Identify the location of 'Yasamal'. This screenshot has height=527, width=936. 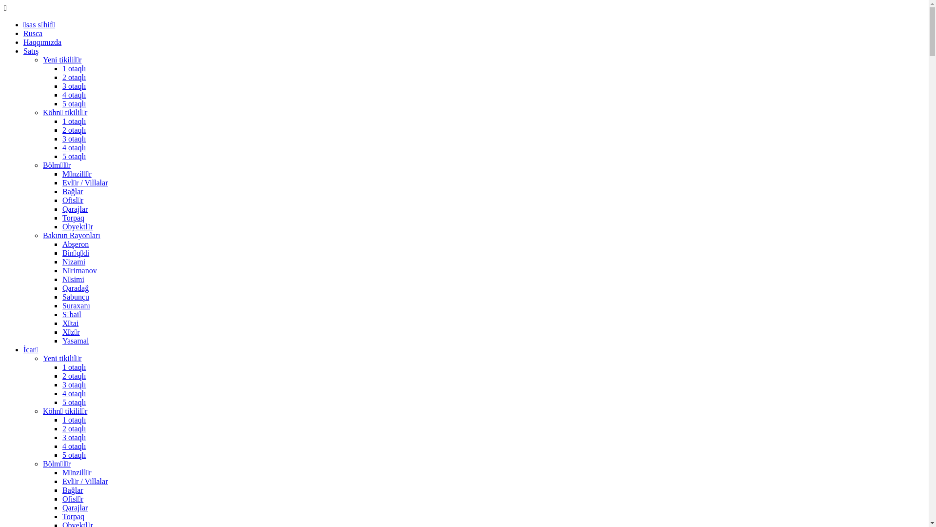
(62, 340).